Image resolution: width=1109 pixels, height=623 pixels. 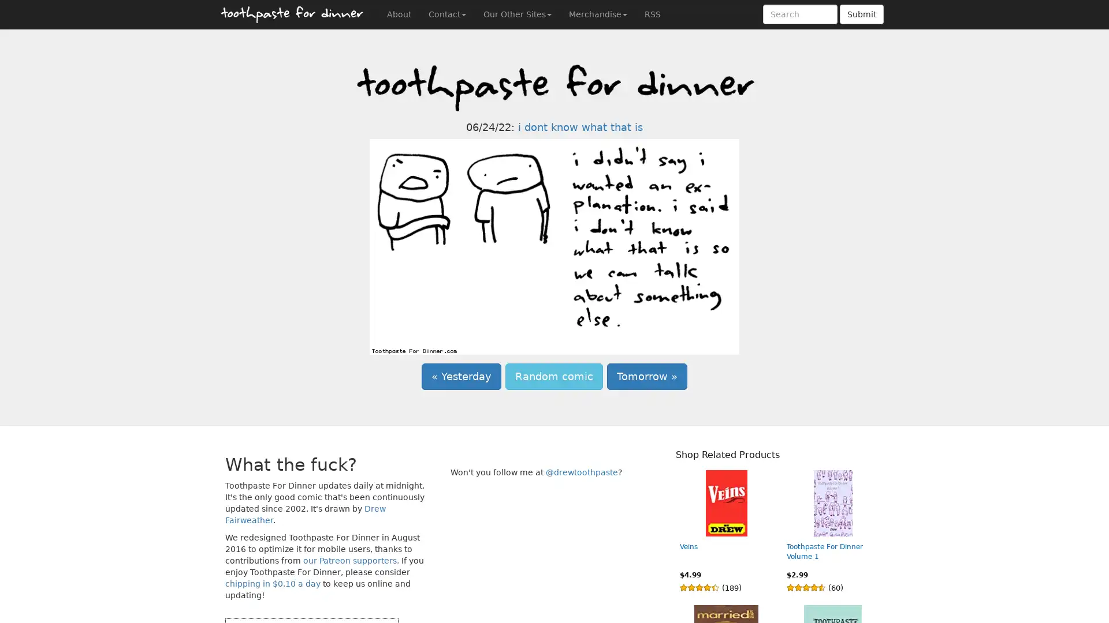 What do you see at coordinates (862, 14) in the screenshot?
I see `Submit` at bounding box center [862, 14].